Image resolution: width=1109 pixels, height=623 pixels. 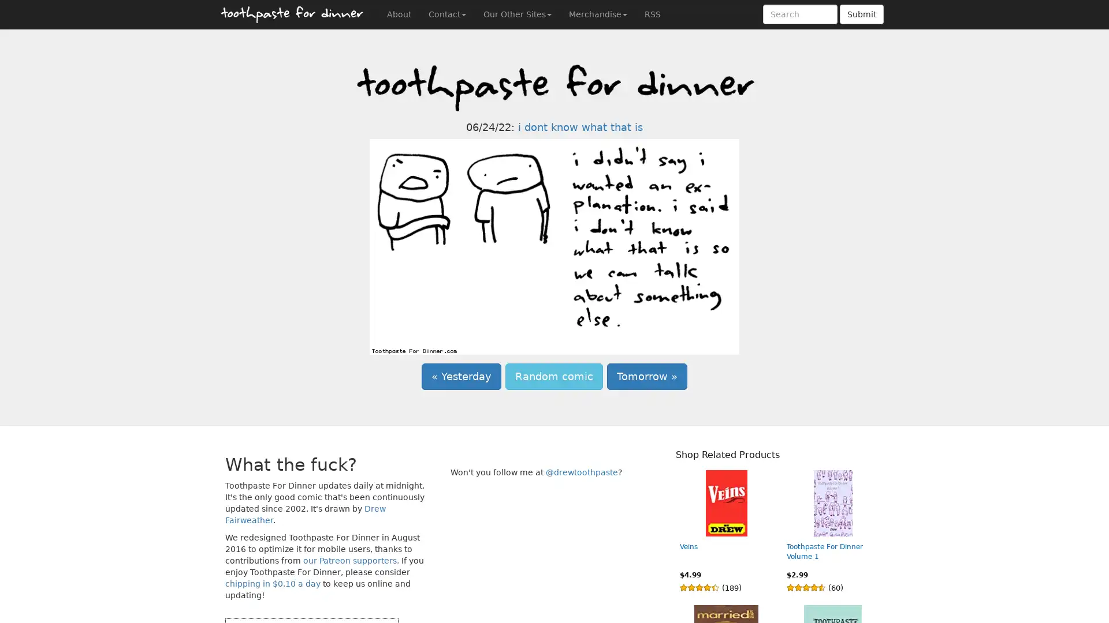 What do you see at coordinates (862, 14) in the screenshot?
I see `Submit` at bounding box center [862, 14].